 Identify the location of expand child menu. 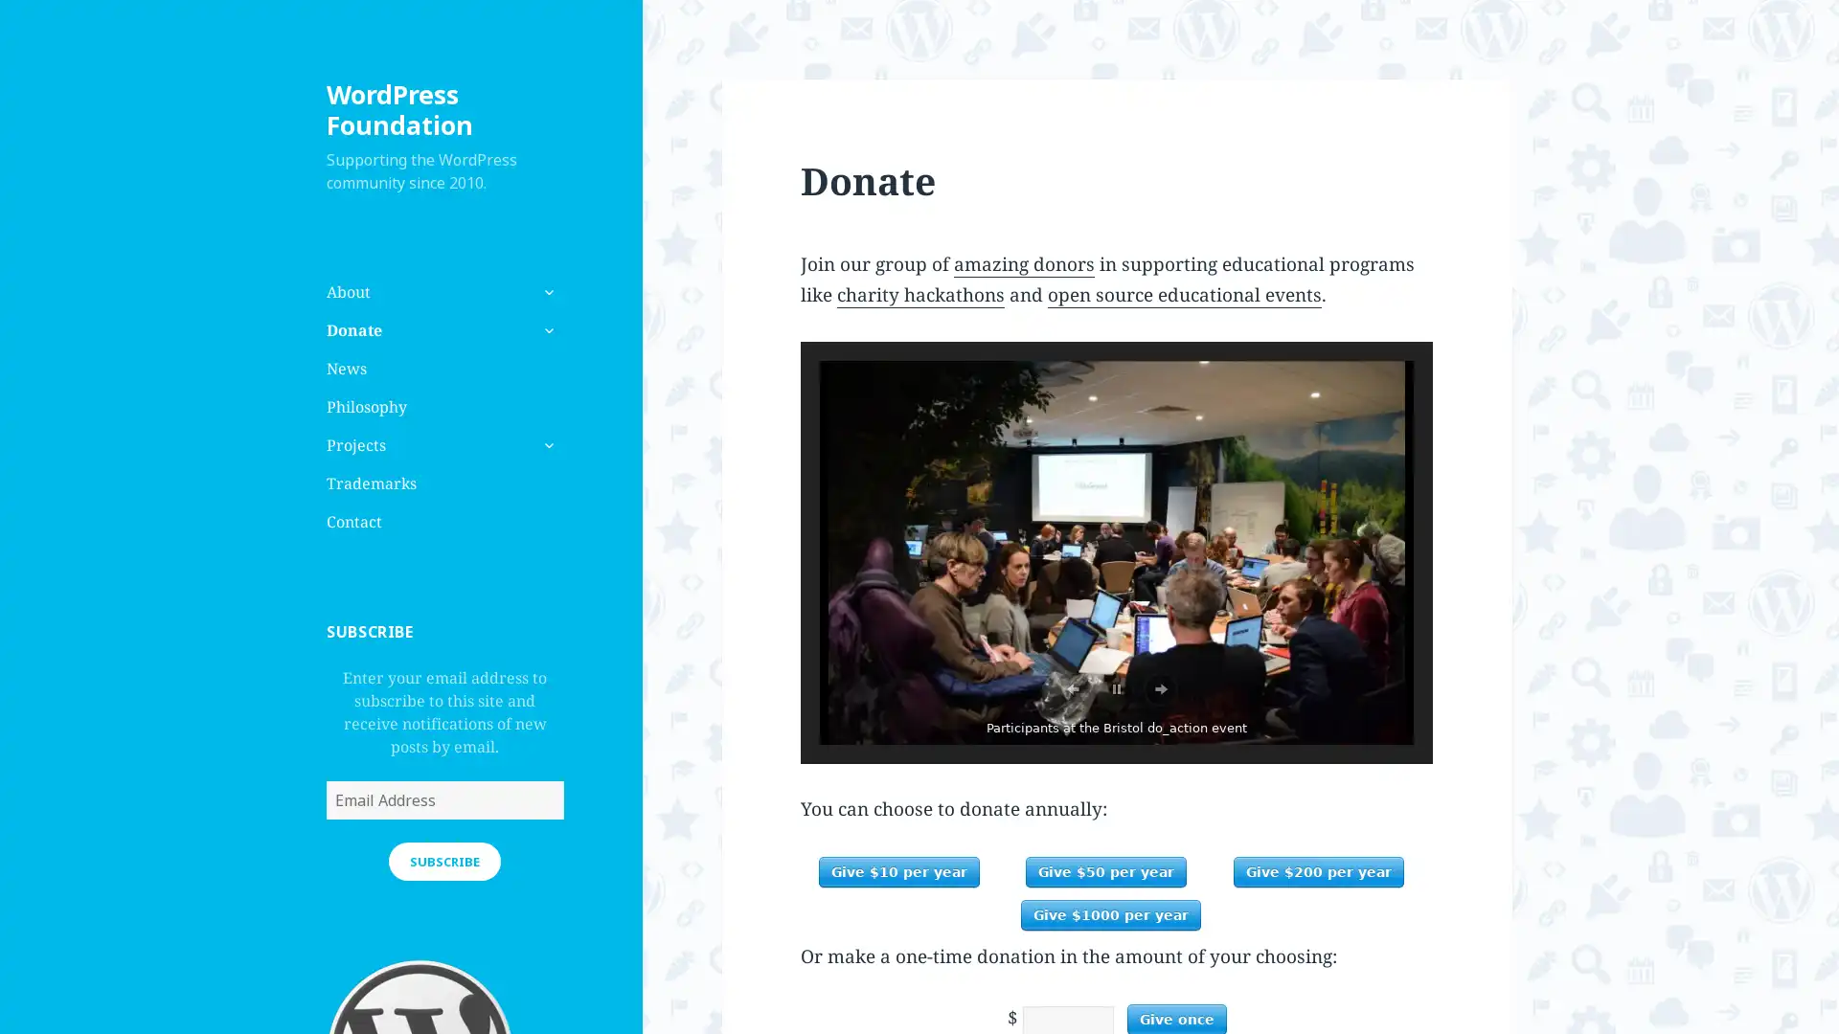
(546, 445).